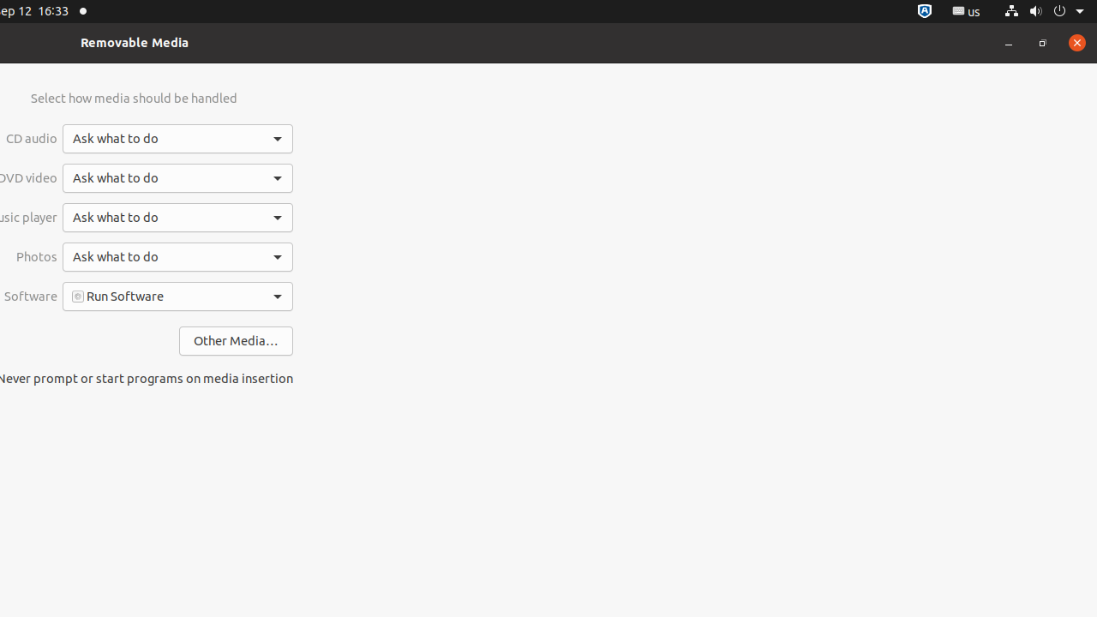 This screenshot has width=1097, height=617. What do you see at coordinates (1008, 41) in the screenshot?
I see `'Minimize'` at bounding box center [1008, 41].